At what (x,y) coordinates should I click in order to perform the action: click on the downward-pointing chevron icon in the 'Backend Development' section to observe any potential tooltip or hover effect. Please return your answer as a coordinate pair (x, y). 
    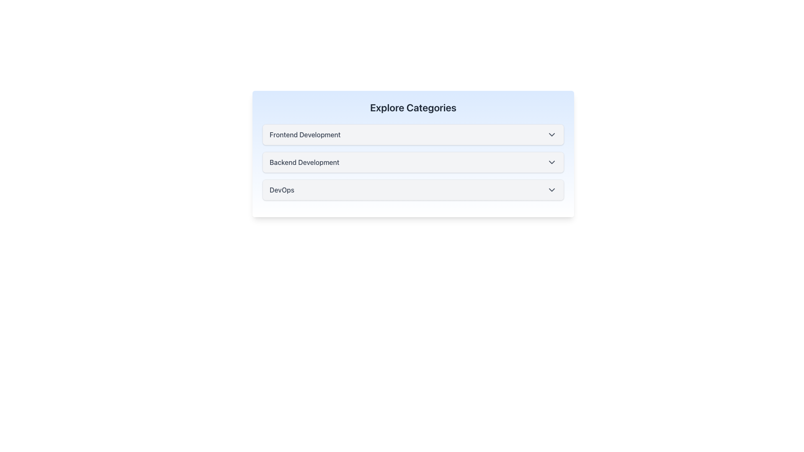
    Looking at the image, I should click on (552, 162).